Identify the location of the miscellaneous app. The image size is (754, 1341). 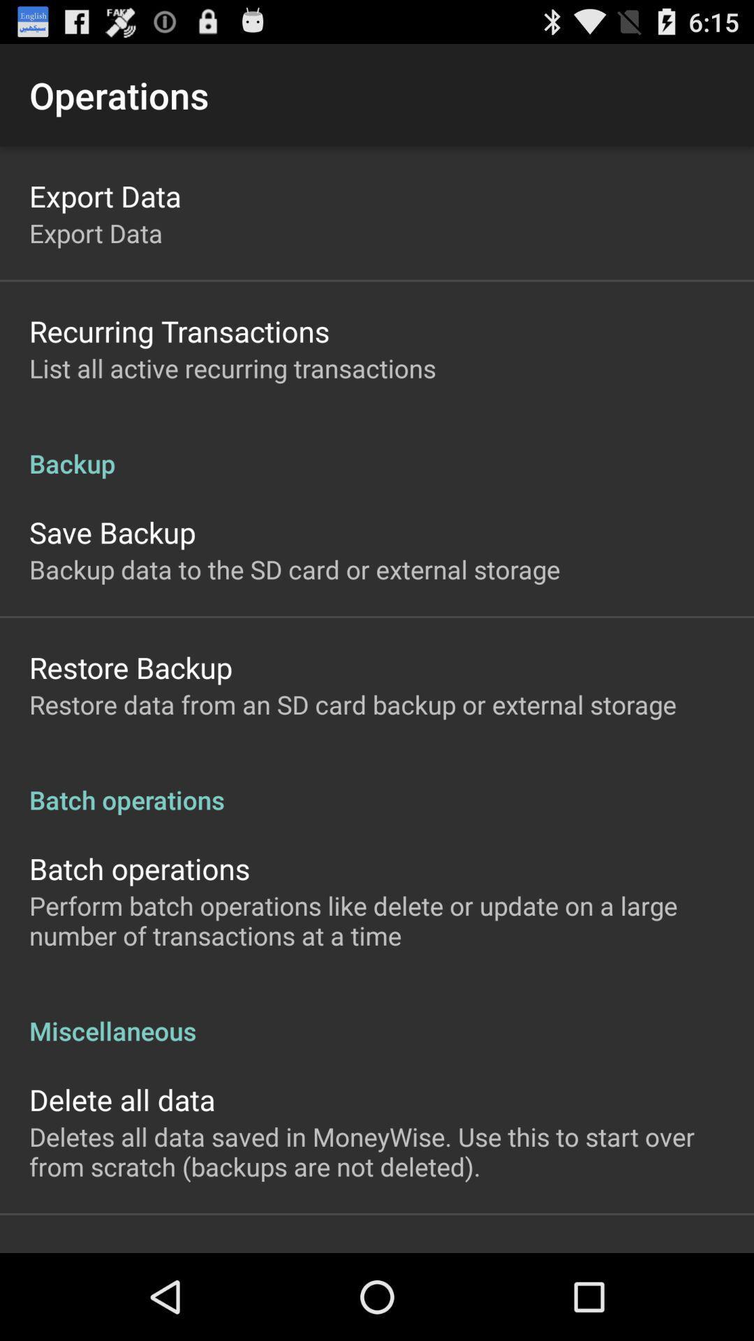
(377, 1016).